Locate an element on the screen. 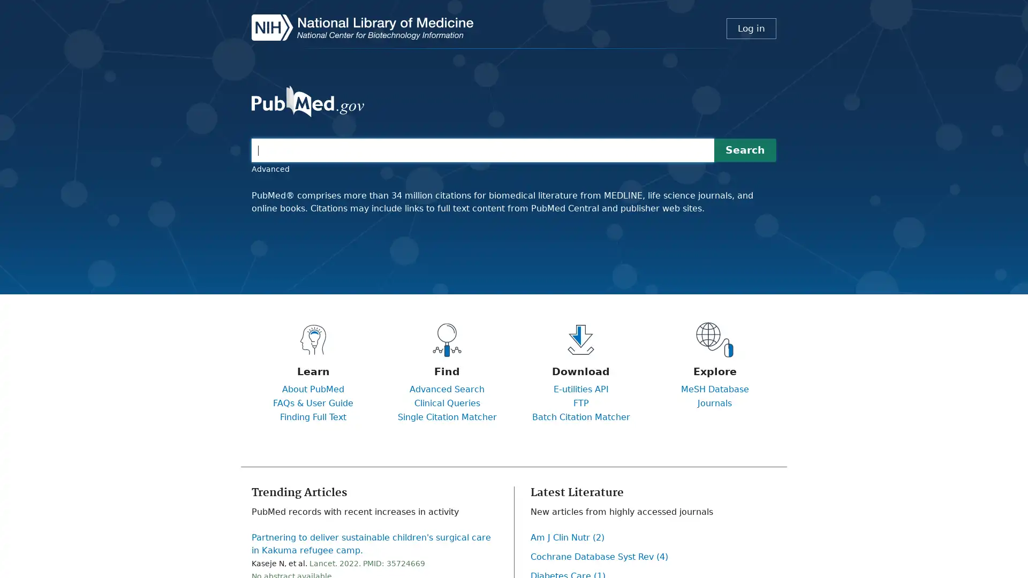 The height and width of the screenshot is (578, 1028). Search is located at coordinates (745, 150).